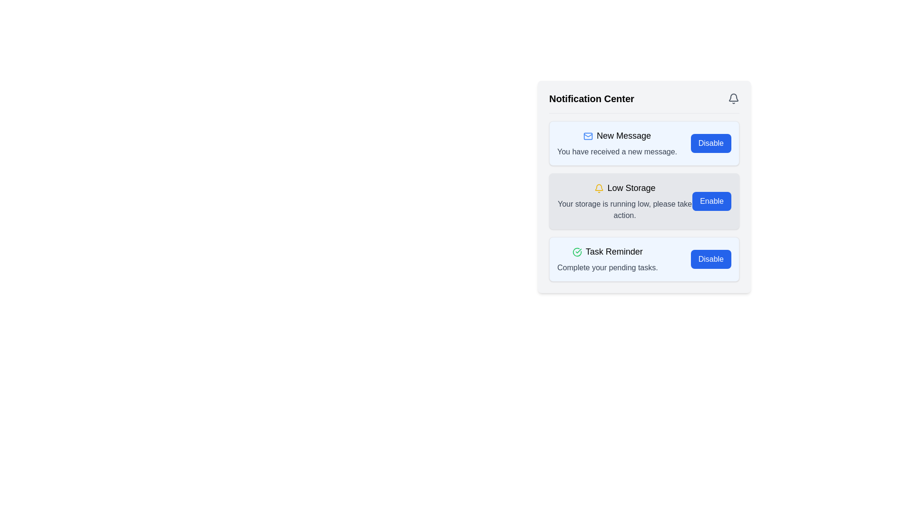 This screenshot has width=913, height=513. What do you see at coordinates (733, 97) in the screenshot?
I see `the bell-shaped notification icon located in the upper-right corner of the notification center panel` at bounding box center [733, 97].